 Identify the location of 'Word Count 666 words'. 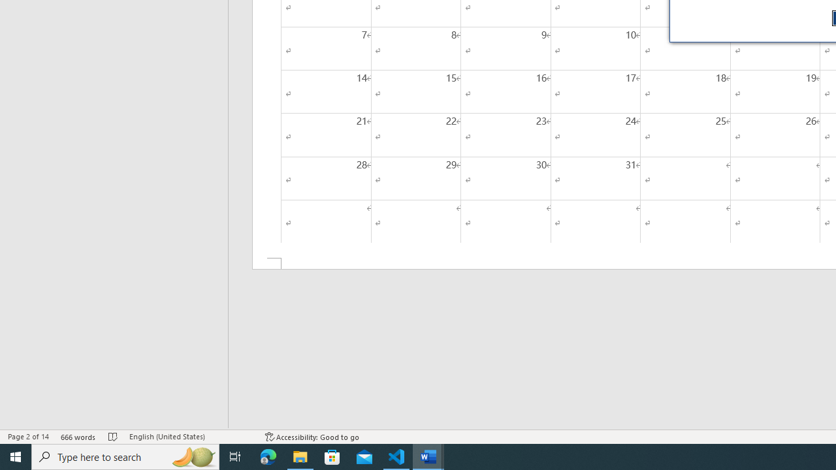
(78, 437).